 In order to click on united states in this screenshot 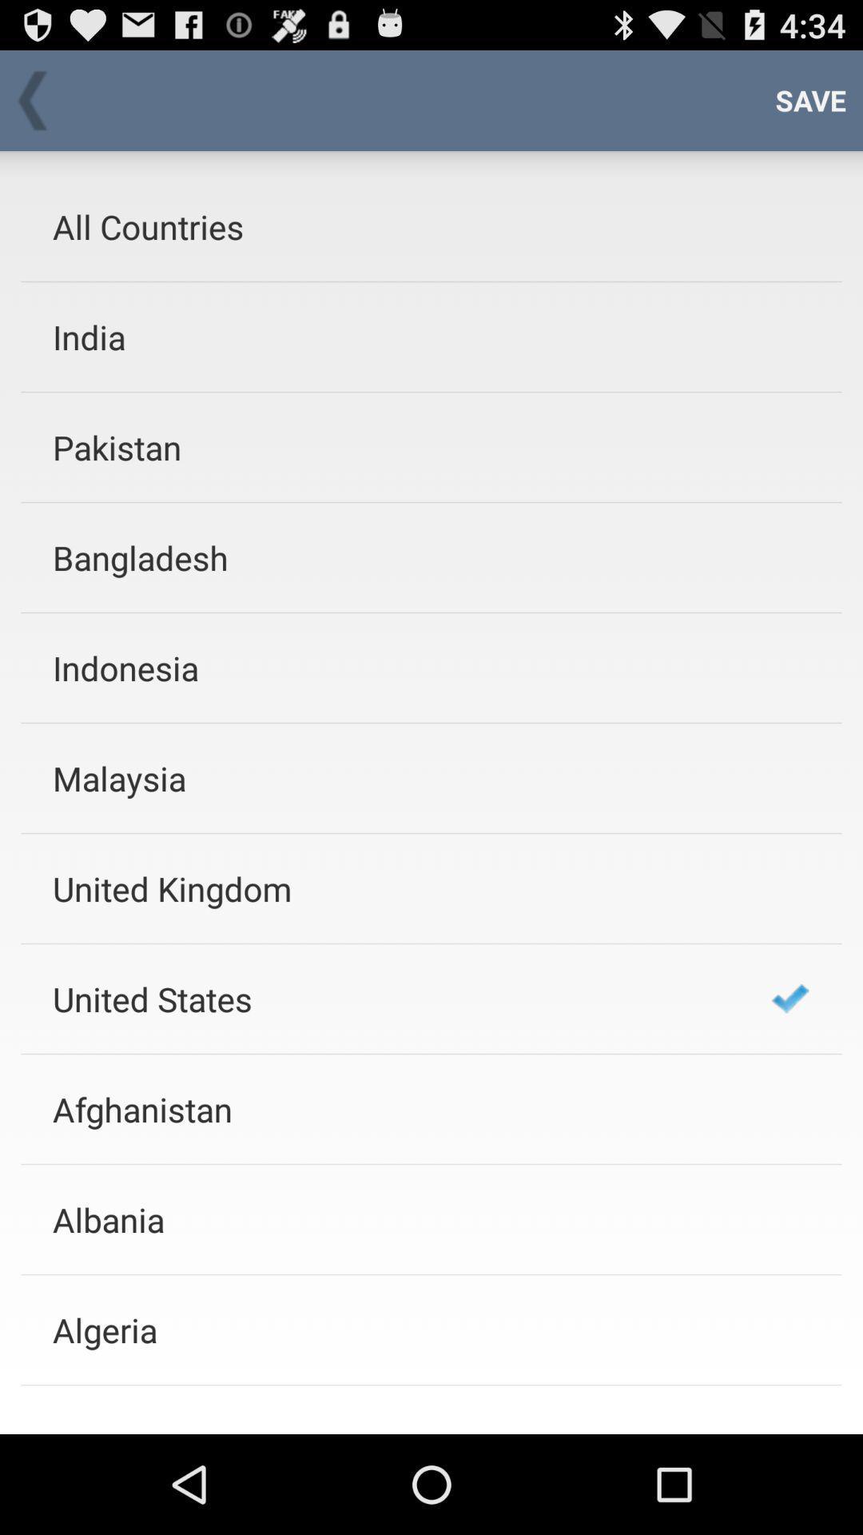, I will do `click(391, 998)`.